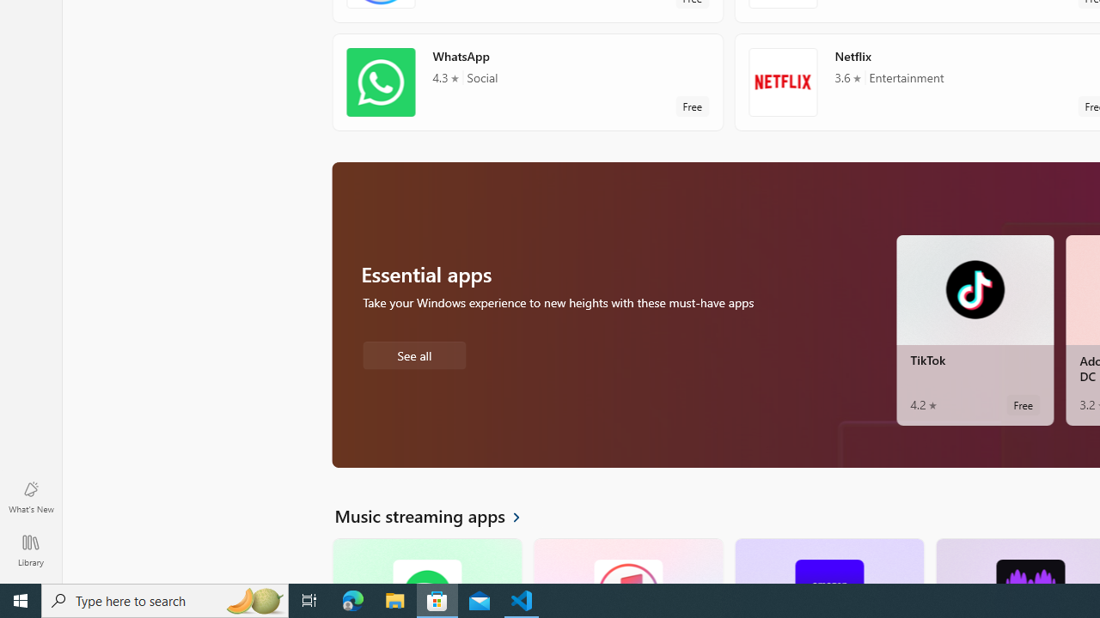  I want to click on 'iTunes. Average rating of 2.5 out of five stars. Free  ', so click(626, 560).